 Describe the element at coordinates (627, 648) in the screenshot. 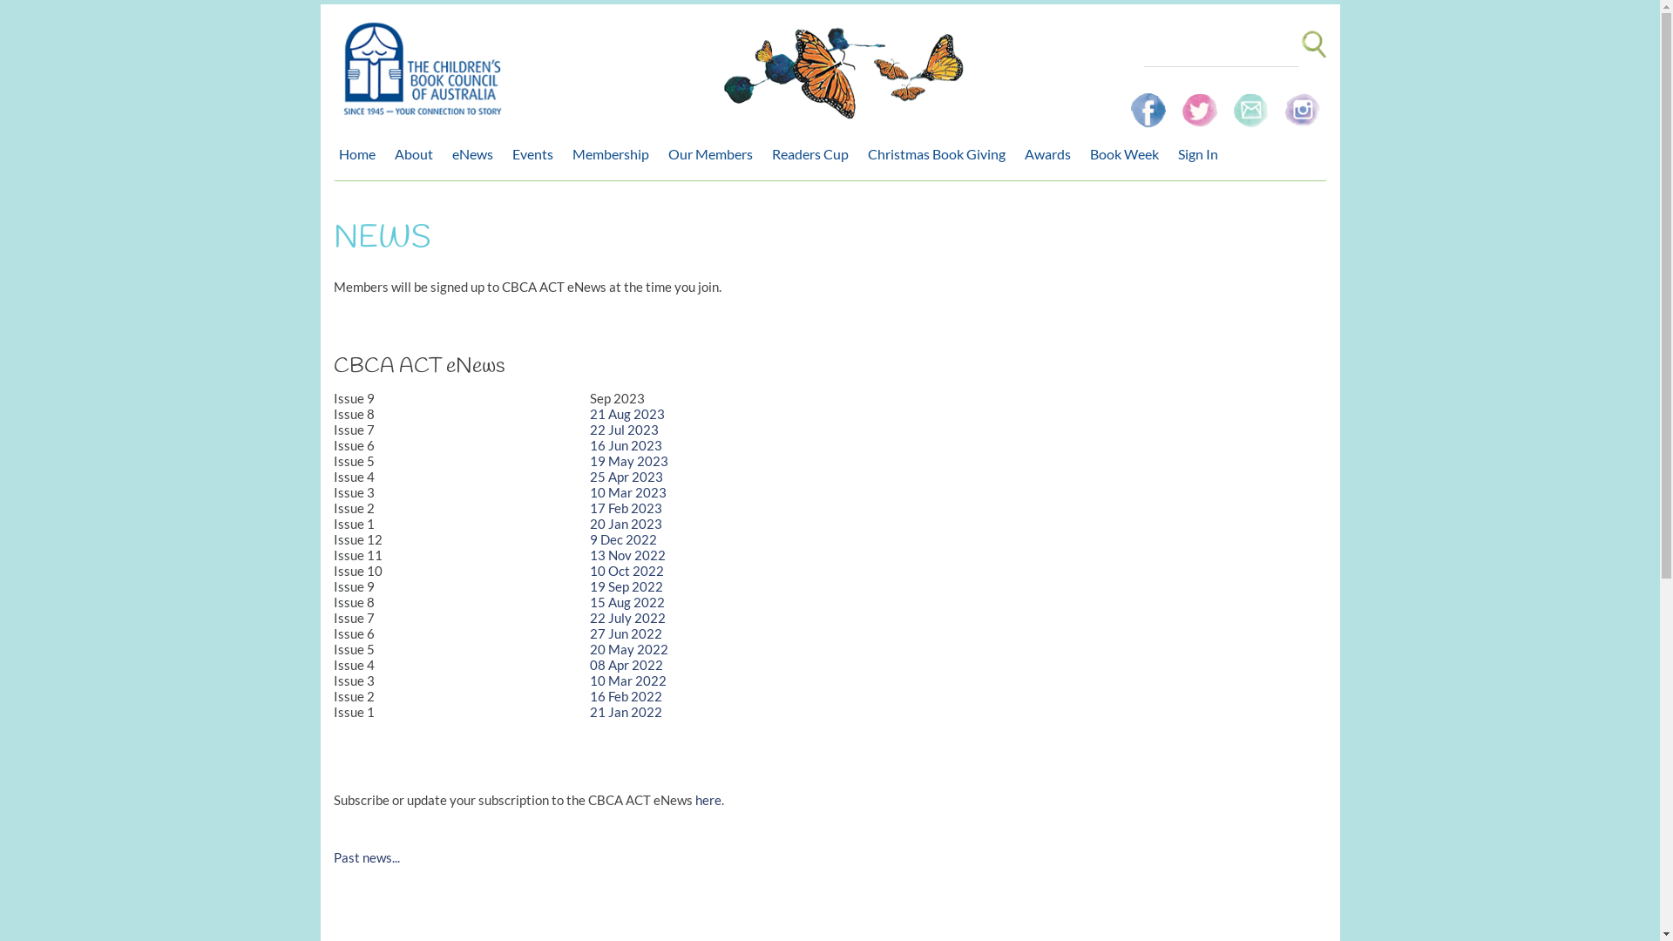

I see `'20 May 2022'` at that location.